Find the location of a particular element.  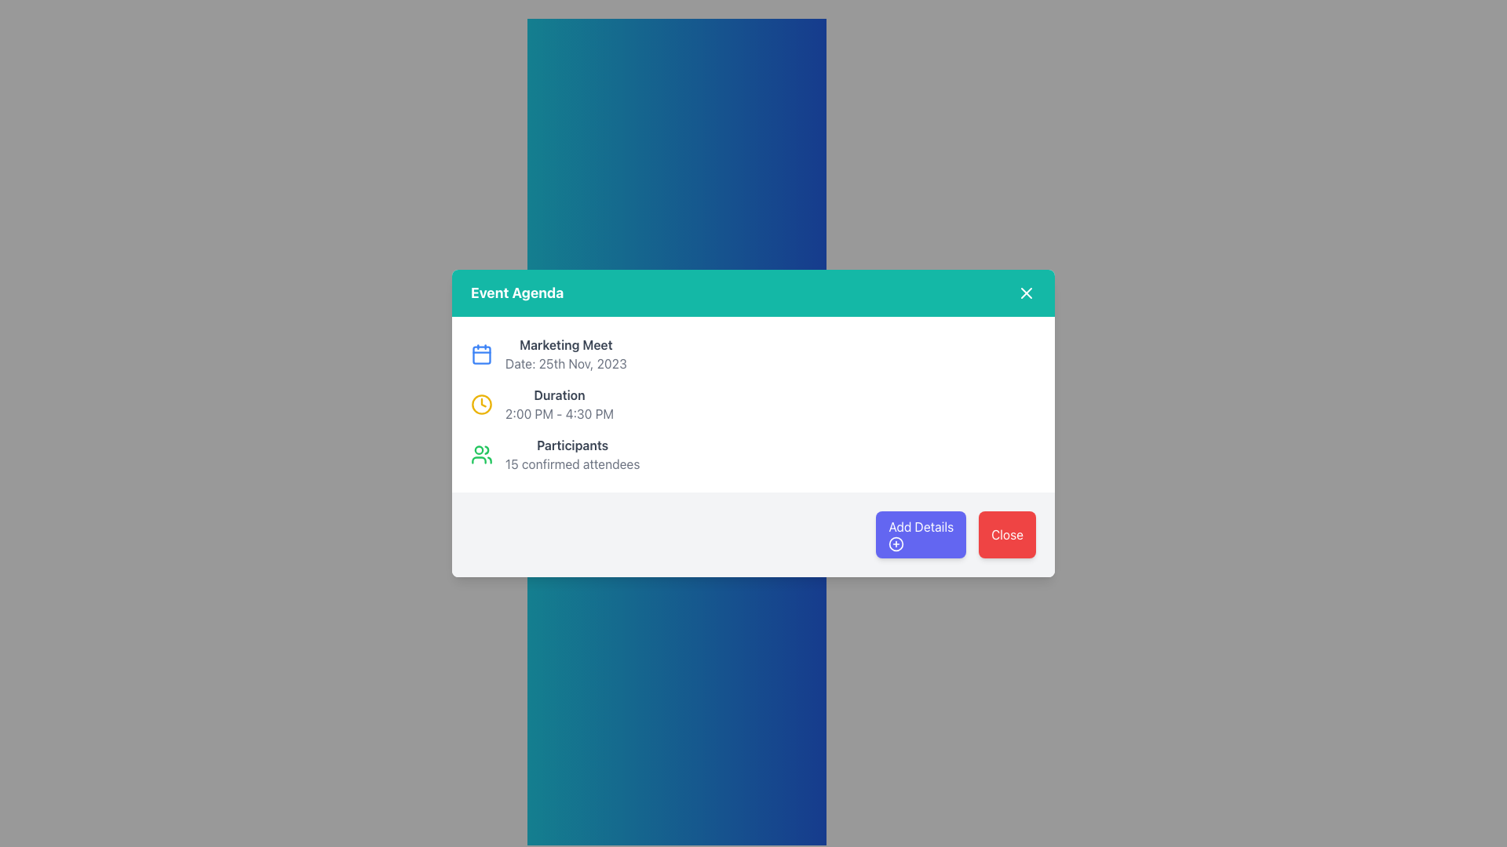

the icon located within the blue-colored 'Add Details' button at the bottom right of the content card is located at coordinates (896, 543).